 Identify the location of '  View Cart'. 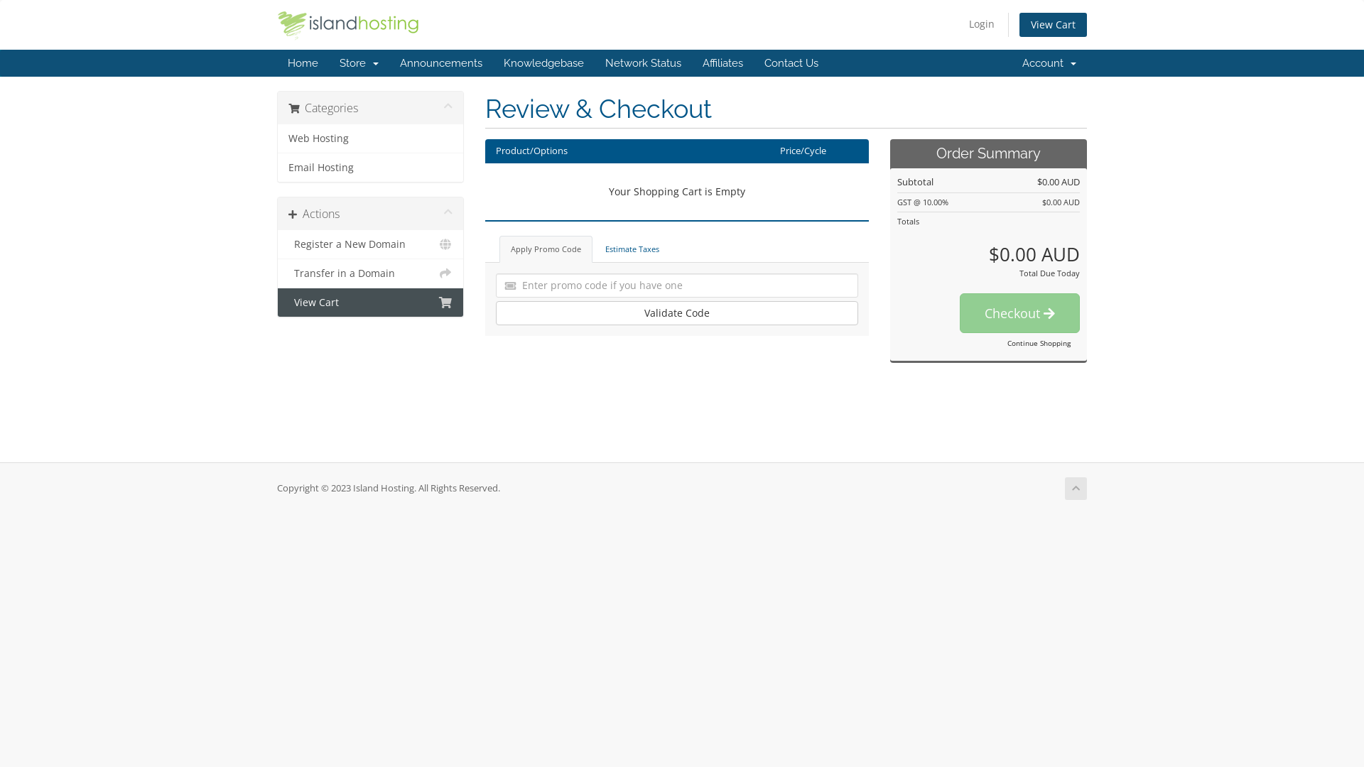
(370, 301).